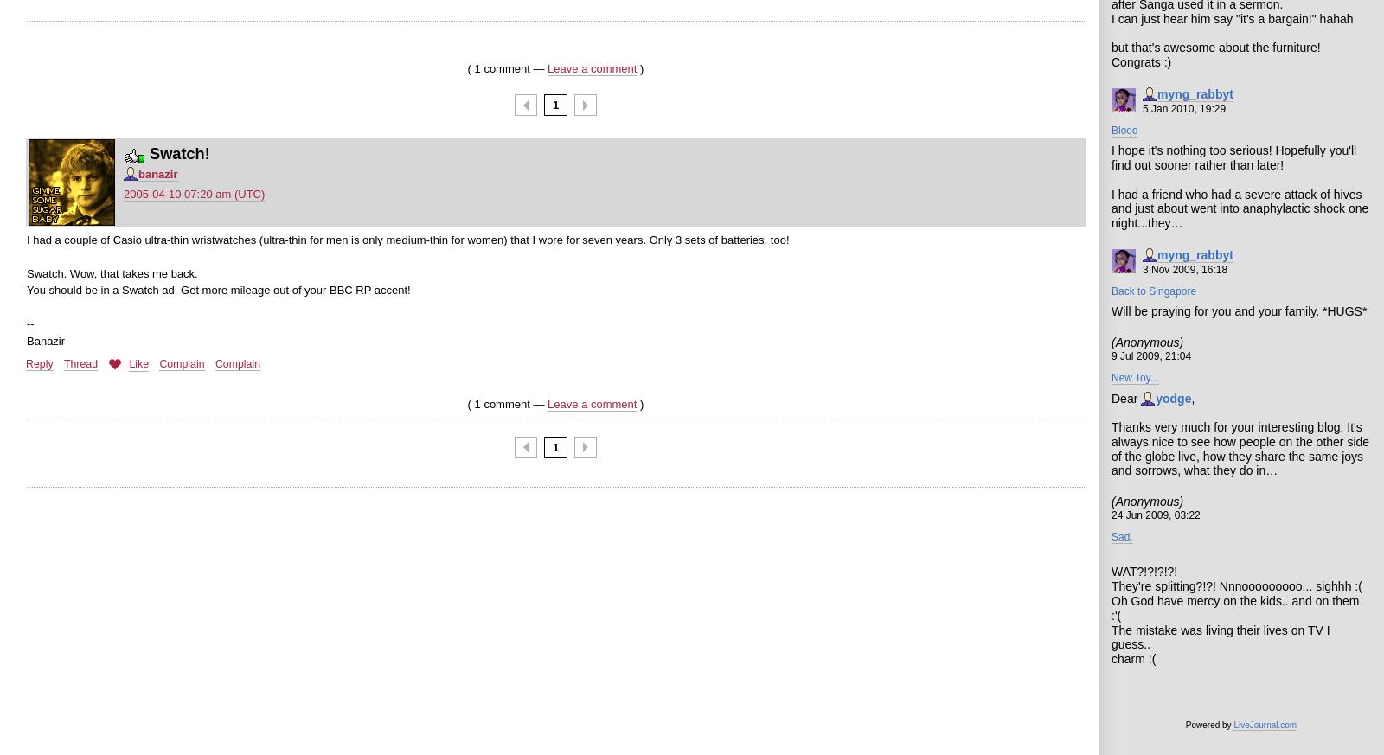 This screenshot has width=1384, height=755. What do you see at coordinates (79, 362) in the screenshot?
I see `'Thread'` at bounding box center [79, 362].